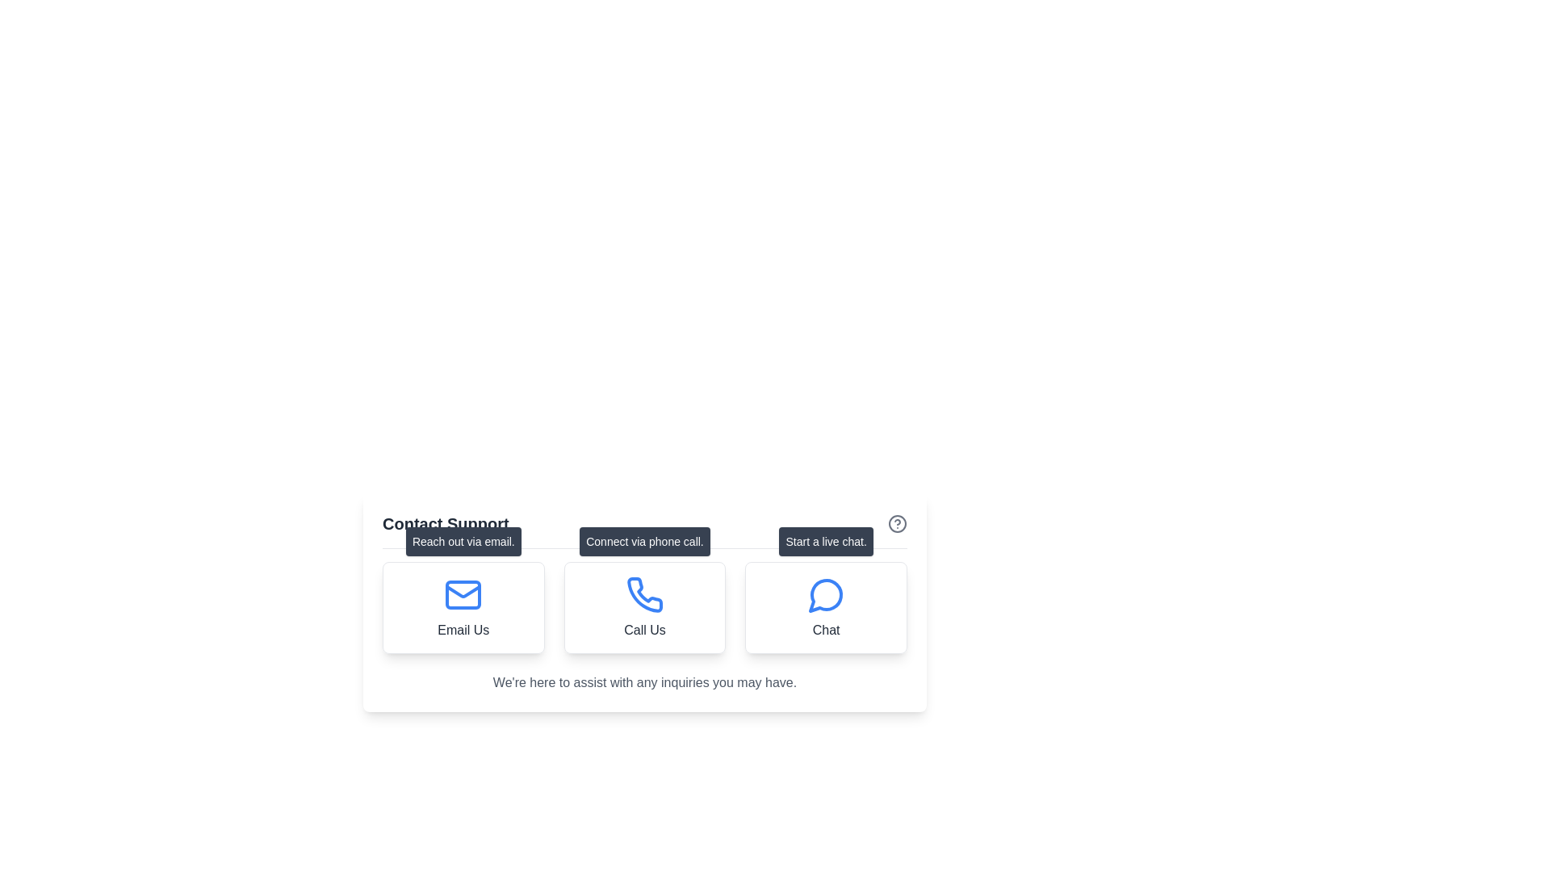 The width and height of the screenshot is (1550, 872). Describe the element at coordinates (643, 644) in the screenshot. I see `the 'Email Us' section on the Interactive Contact Panel to initiate an email` at that location.